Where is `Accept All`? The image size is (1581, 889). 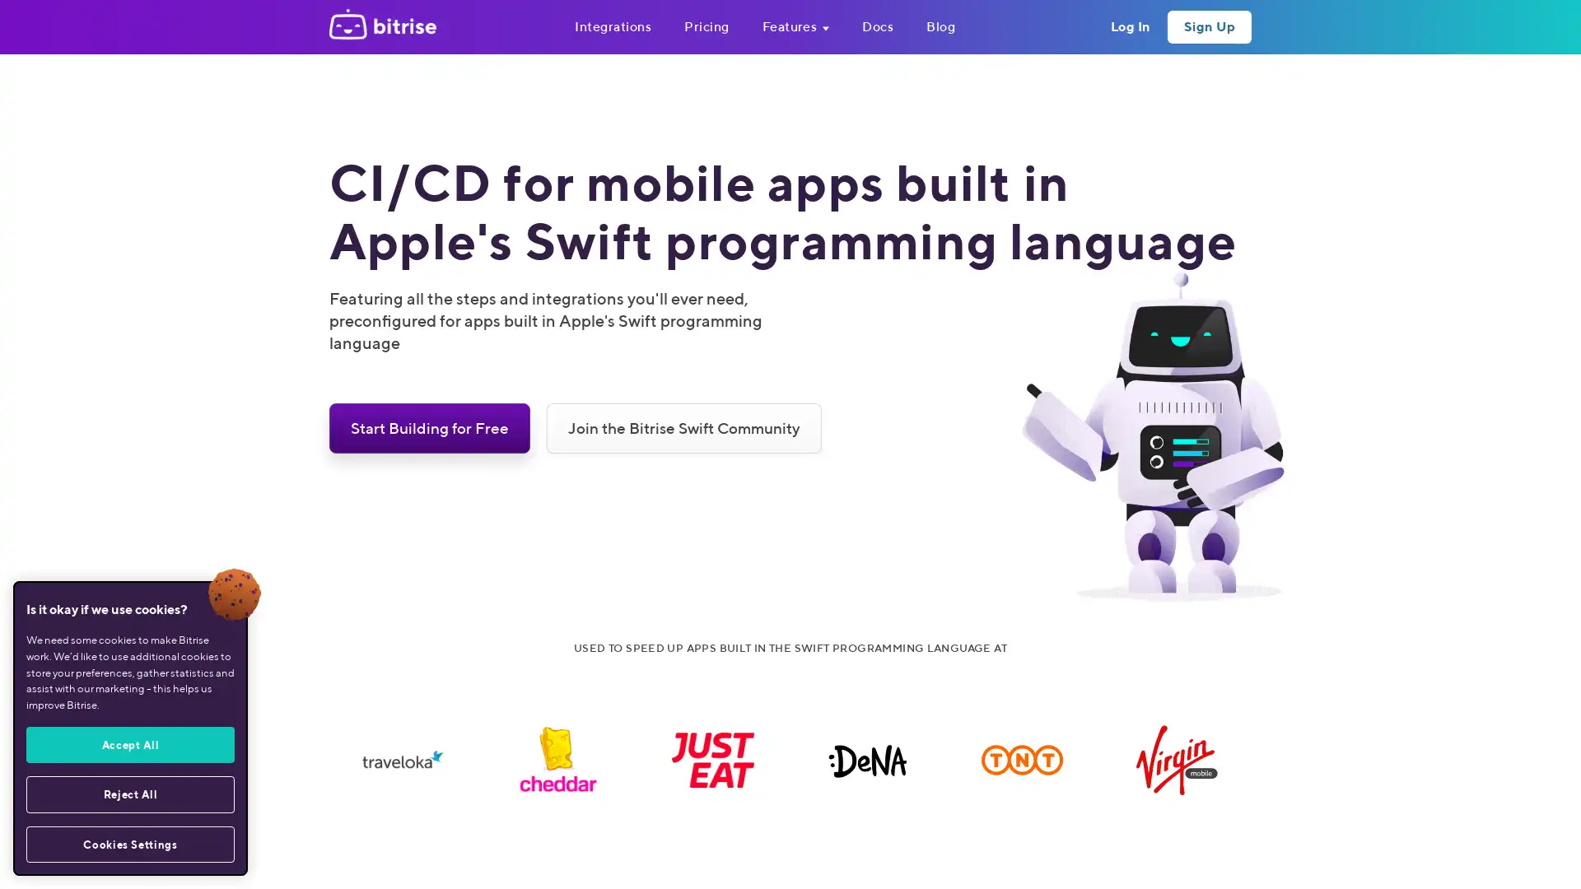 Accept All is located at coordinates (129, 744).